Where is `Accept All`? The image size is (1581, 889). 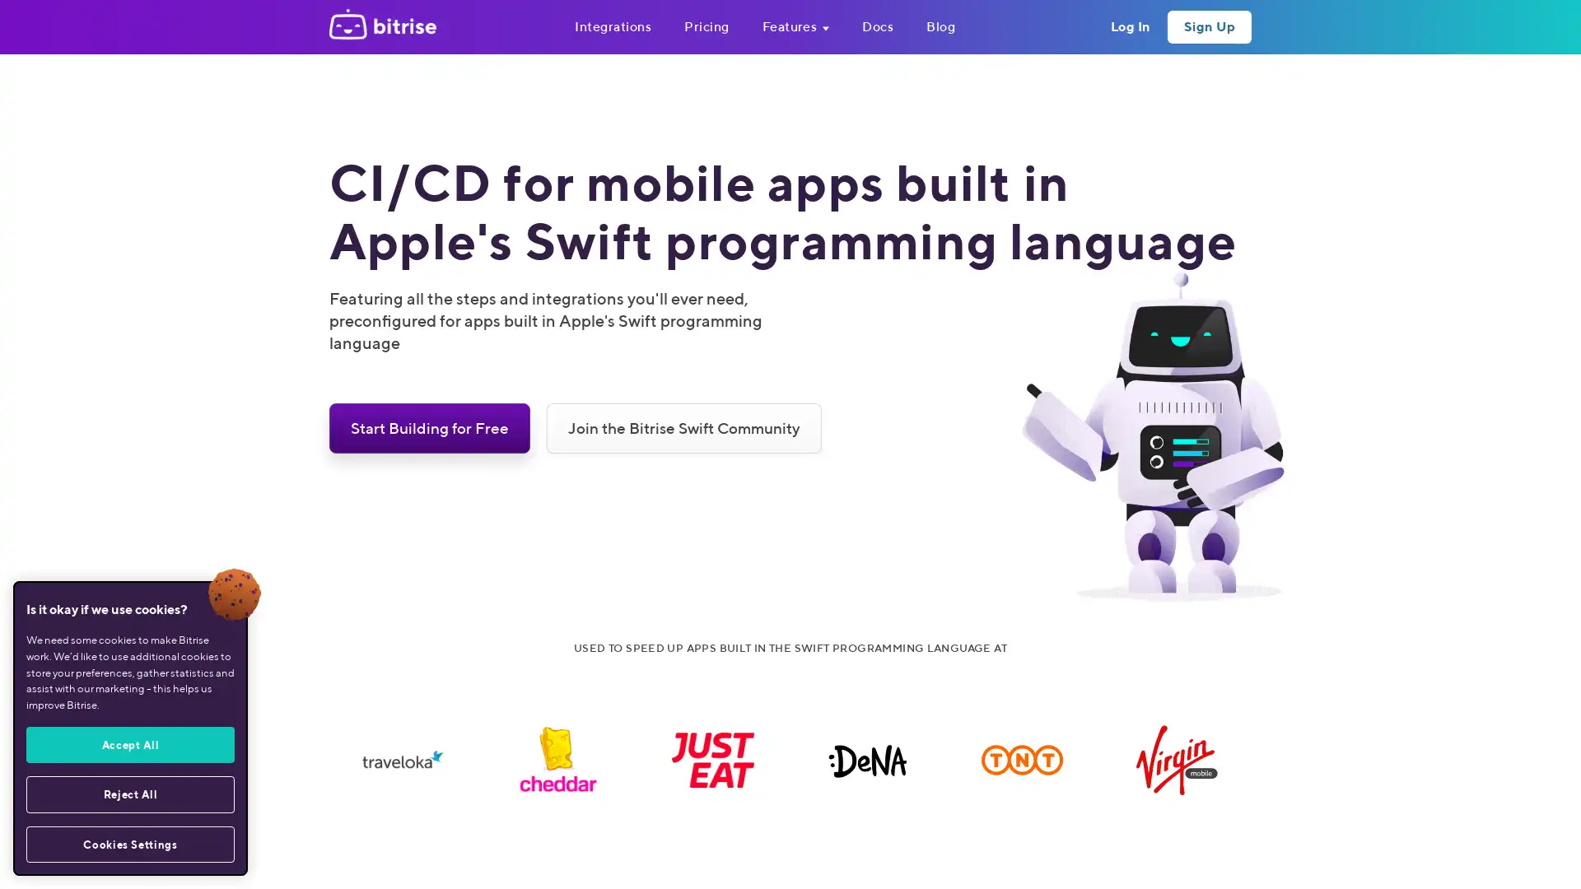 Accept All is located at coordinates (129, 744).